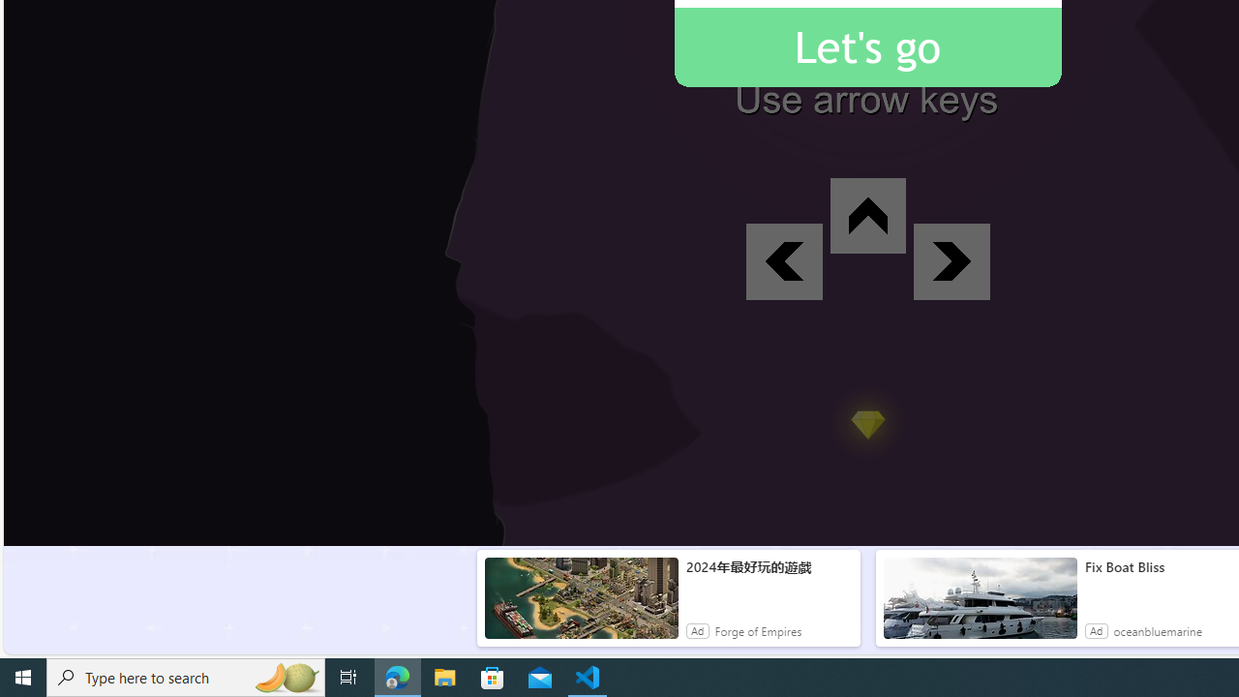 The height and width of the screenshot is (697, 1239). I want to click on 'Forge of Empires', so click(758, 630).